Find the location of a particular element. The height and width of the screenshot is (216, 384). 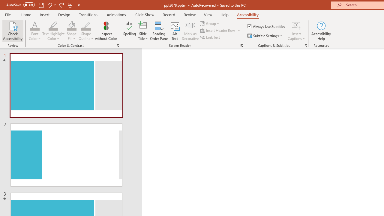

'Mark as Decorative' is located at coordinates (190, 31).